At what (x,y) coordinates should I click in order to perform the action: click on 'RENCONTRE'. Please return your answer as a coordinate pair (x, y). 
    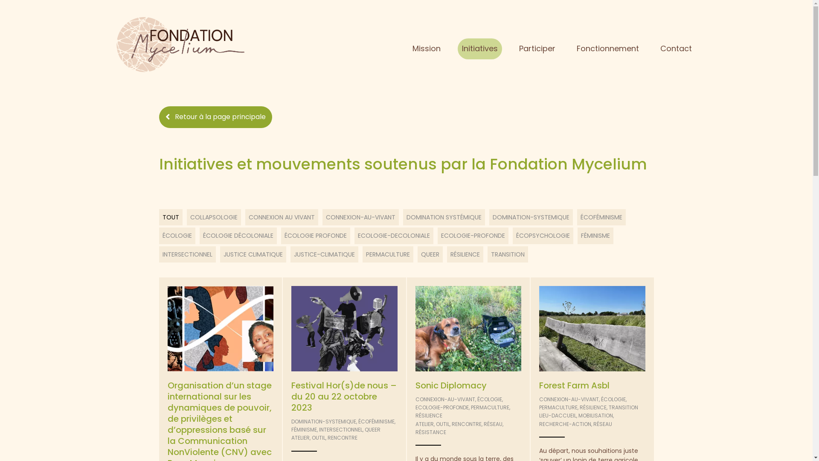
    Looking at the image, I should click on (466, 424).